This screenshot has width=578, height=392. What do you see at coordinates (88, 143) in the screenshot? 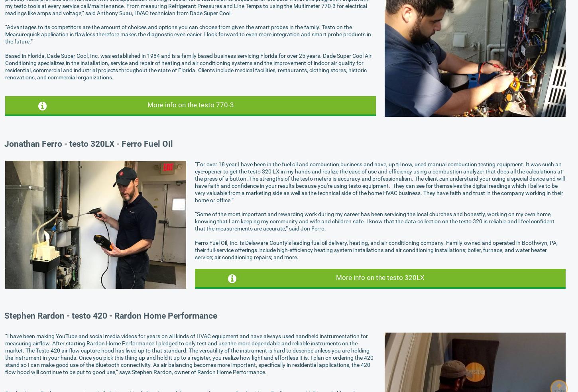
I see `'Jonathan Ferro - testo 320LX - Ferro Fuel Oil'` at bounding box center [88, 143].